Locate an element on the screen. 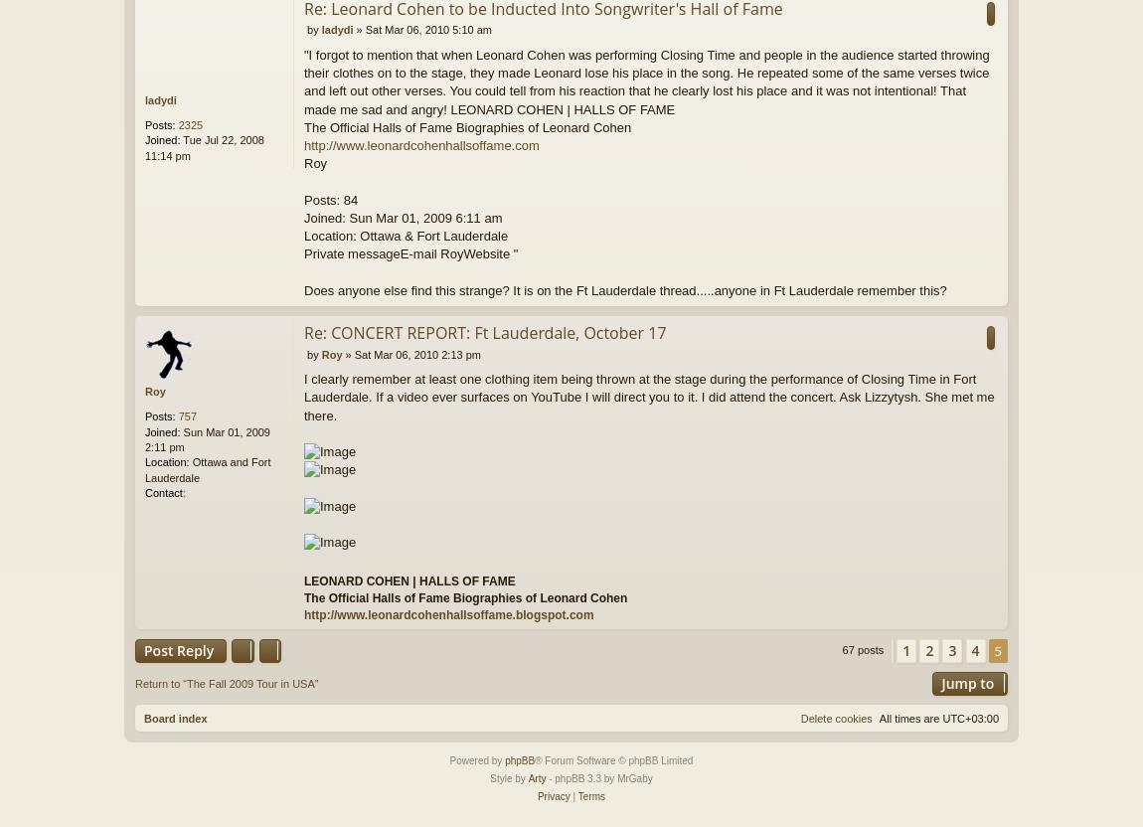  'Arty' is located at coordinates (537, 777).